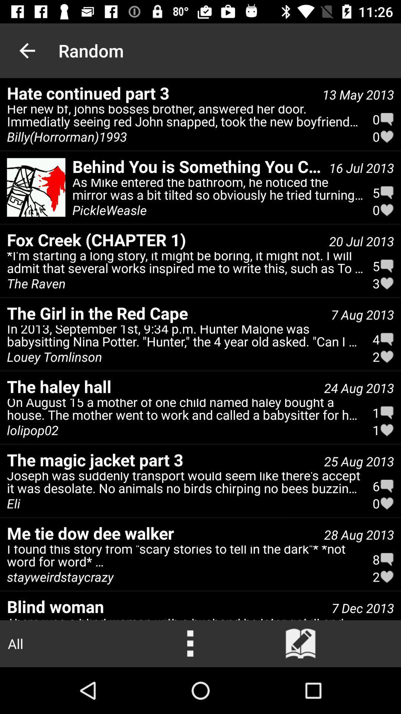 This screenshot has width=401, height=714. I want to click on write new stories, so click(301, 643).